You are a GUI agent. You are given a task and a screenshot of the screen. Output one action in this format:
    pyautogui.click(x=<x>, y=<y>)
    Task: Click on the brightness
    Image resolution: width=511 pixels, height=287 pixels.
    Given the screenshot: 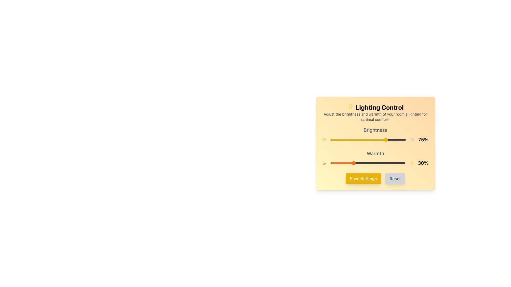 What is the action you would take?
    pyautogui.click(x=354, y=139)
    